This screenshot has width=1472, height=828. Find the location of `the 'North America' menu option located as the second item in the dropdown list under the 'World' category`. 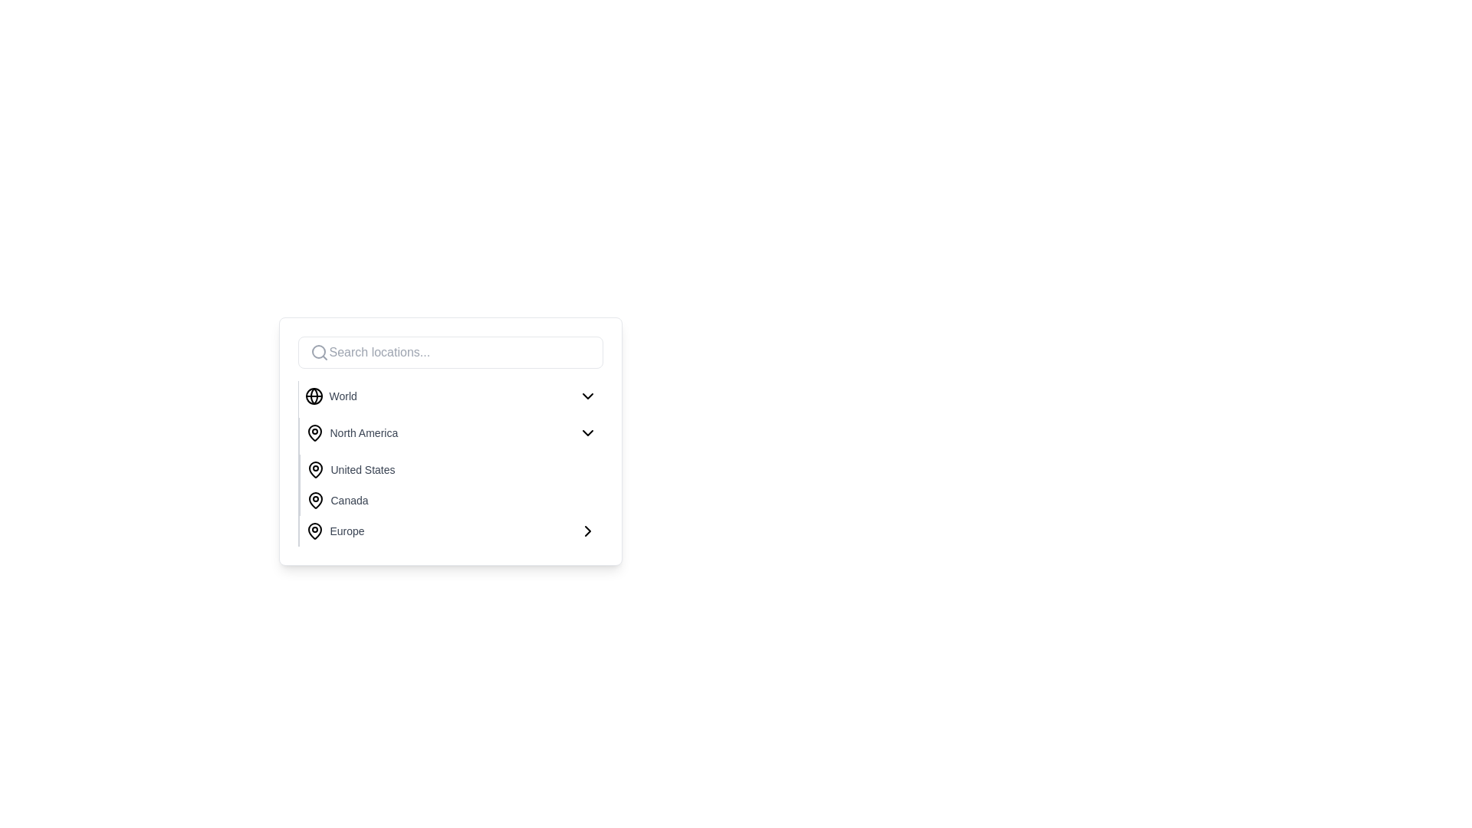

the 'North America' menu option located as the second item in the dropdown list under the 'World' category is located at coordinates (350, 432).